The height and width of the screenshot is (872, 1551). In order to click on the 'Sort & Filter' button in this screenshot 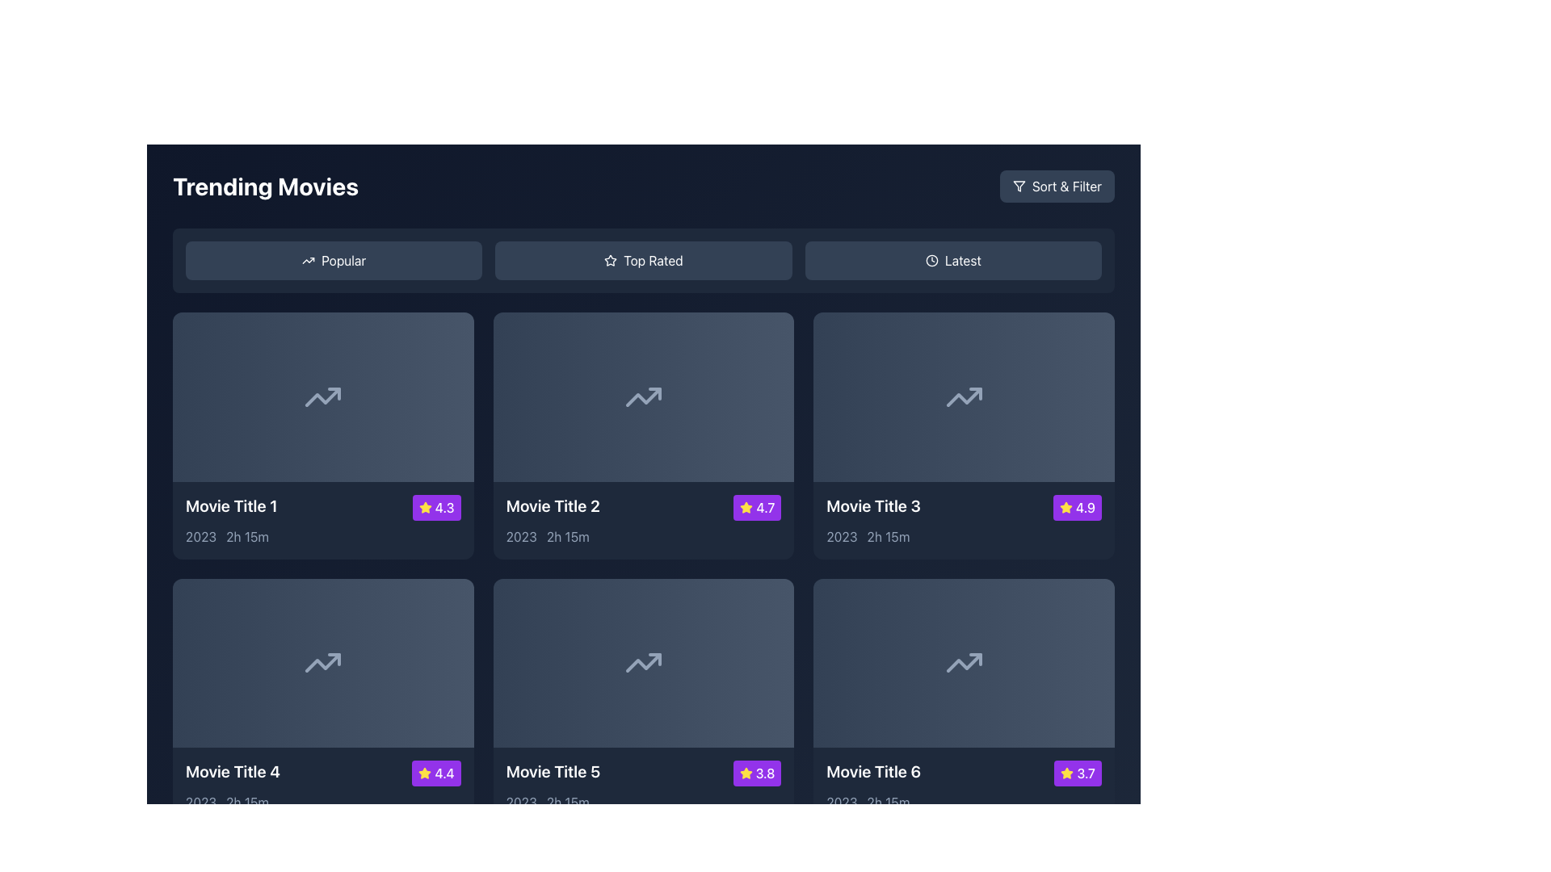, I will do `click(1018, 186)`.